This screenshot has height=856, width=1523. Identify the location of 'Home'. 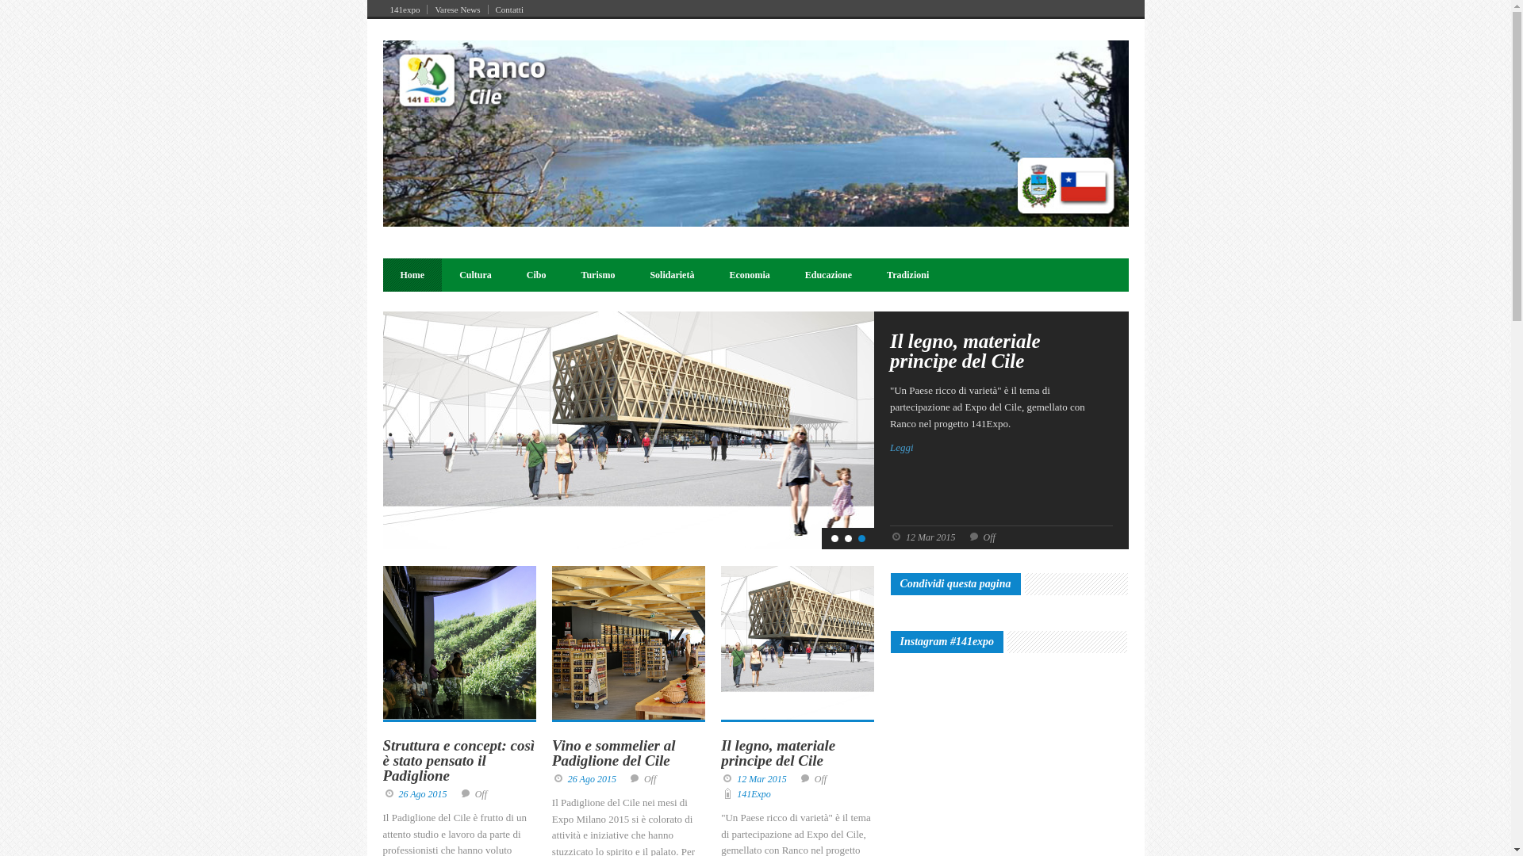
(412, 274).